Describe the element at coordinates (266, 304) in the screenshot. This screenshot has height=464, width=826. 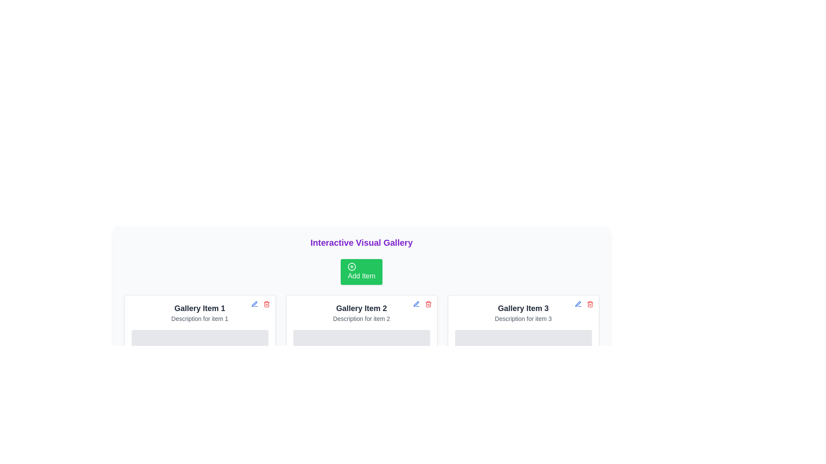
I see `the red trash bin icon representing delete functionality` at that location.